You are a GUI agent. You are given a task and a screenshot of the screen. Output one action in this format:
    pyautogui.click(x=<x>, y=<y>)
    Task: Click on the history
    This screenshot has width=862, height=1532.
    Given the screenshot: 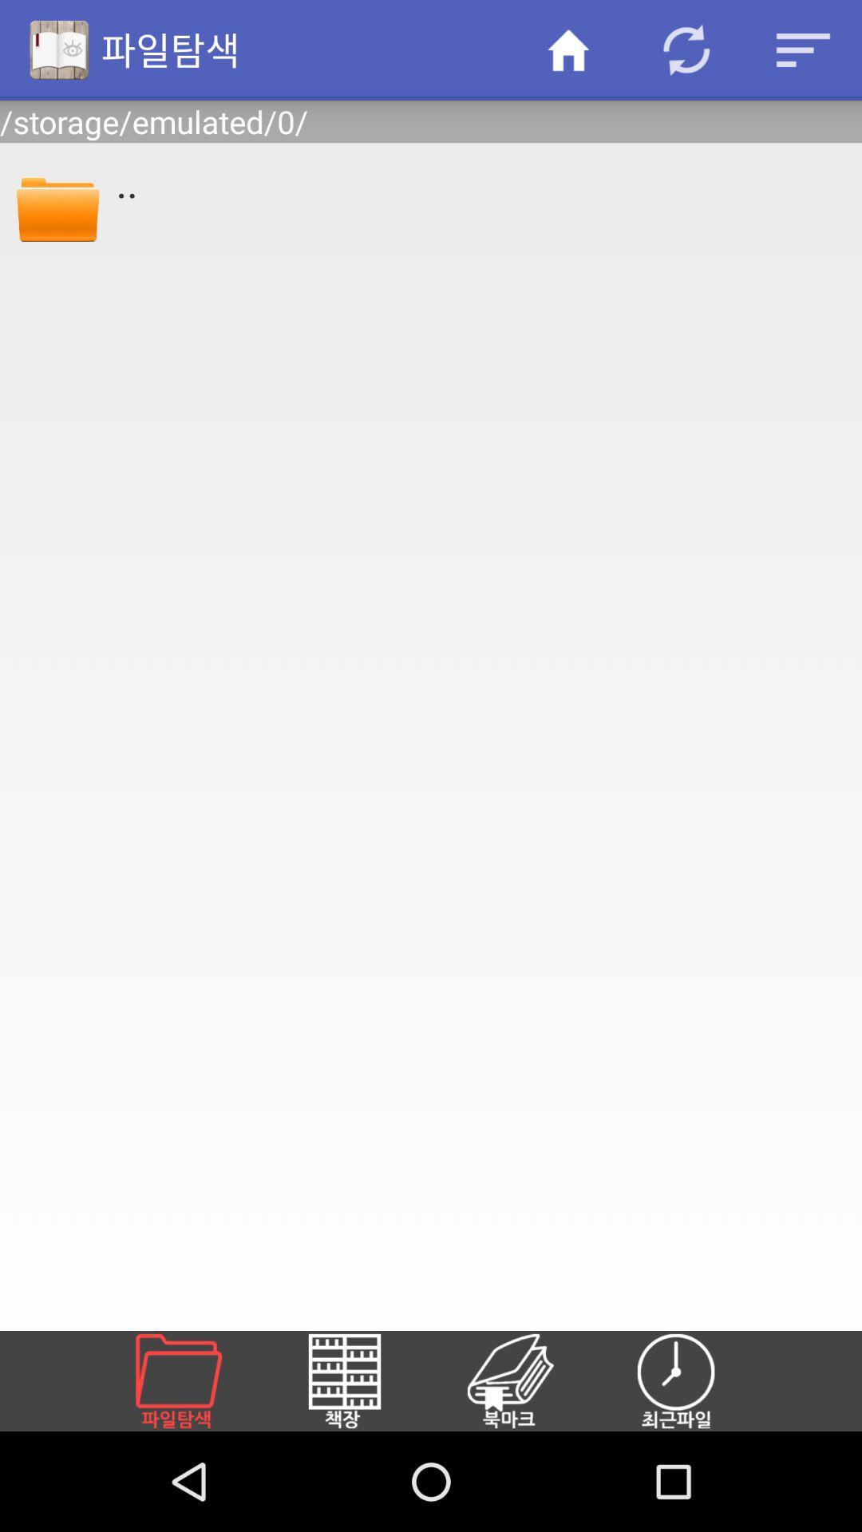 What is the action you would take?
    pyautogui.click(x=694, y=1380)
    